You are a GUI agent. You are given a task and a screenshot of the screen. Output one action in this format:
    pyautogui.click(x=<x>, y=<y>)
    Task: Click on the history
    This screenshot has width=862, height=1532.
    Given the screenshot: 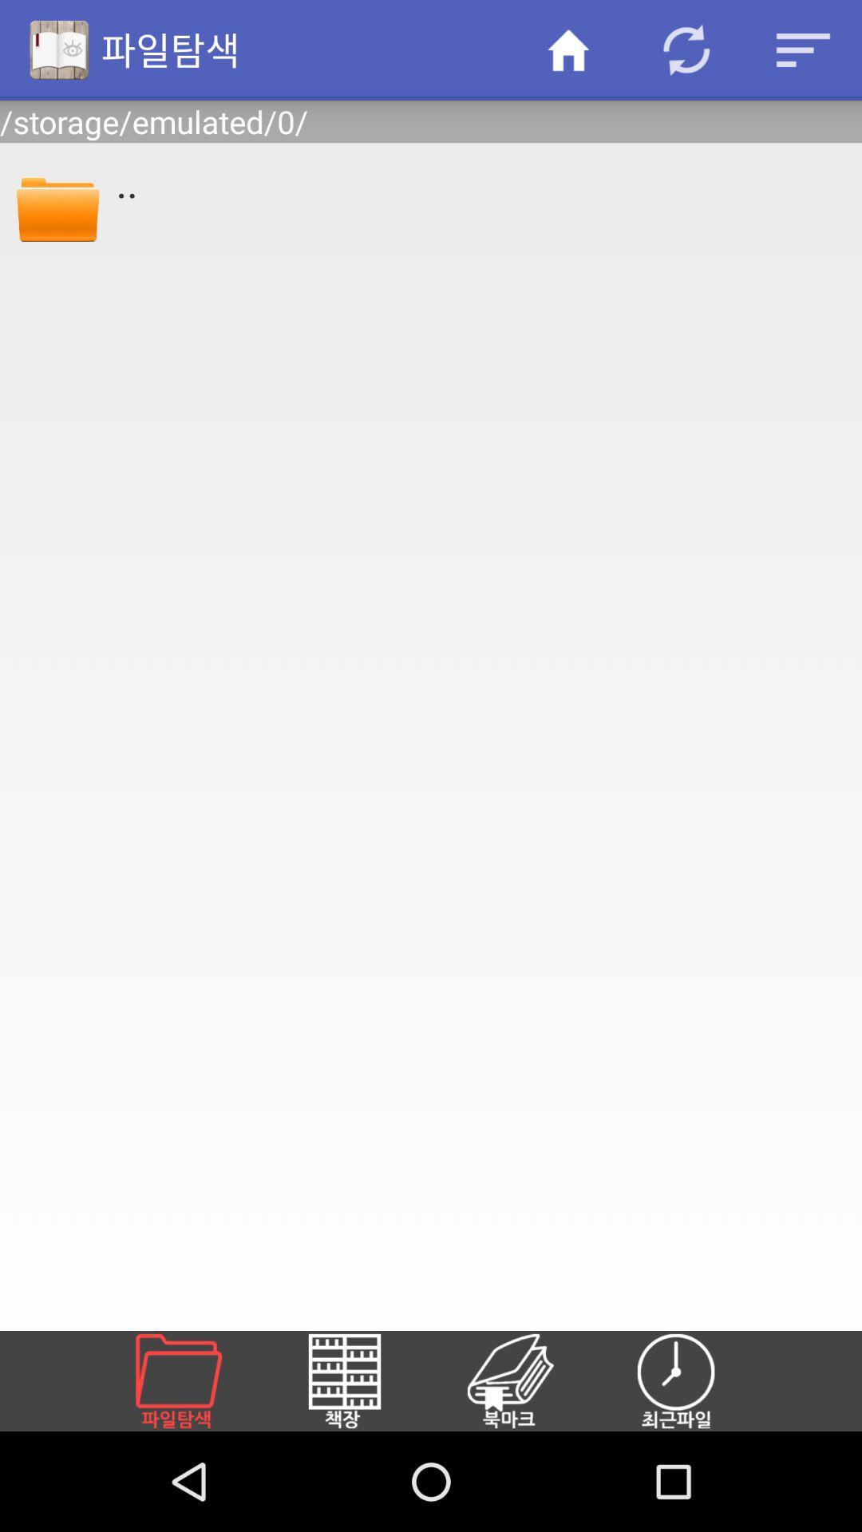 What is the action you would take?
    pyautogui.click(x=694, y=1380)
    